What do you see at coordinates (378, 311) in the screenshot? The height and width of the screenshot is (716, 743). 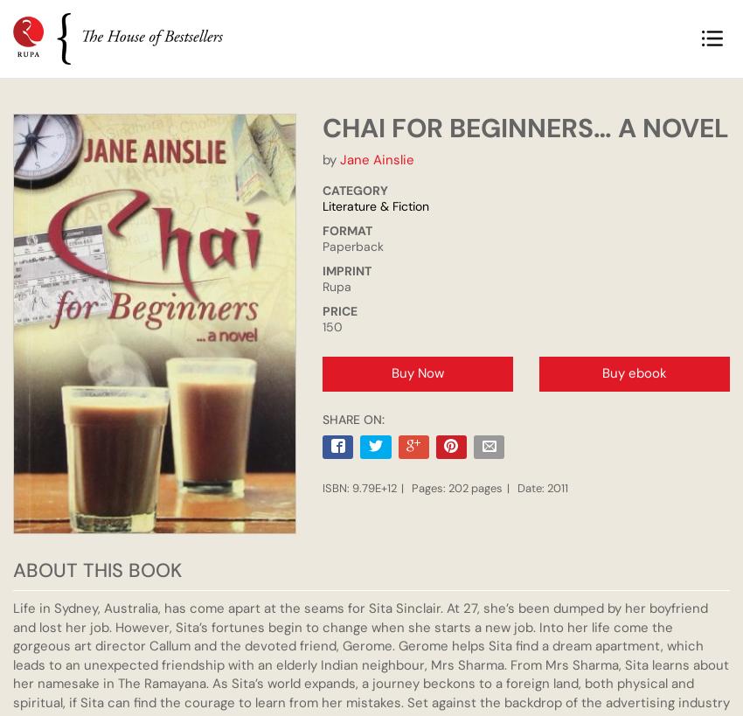 I see `'Bhaswati Mukherjee'` at bounding box center [378, 311].